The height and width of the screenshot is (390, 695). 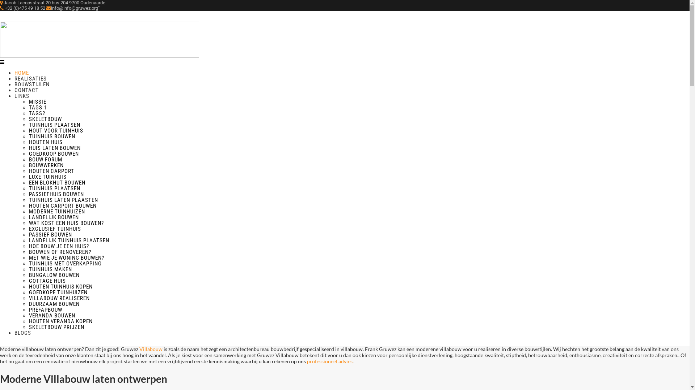 I want to click on 'MISSIE', so click(x=29, y=101).